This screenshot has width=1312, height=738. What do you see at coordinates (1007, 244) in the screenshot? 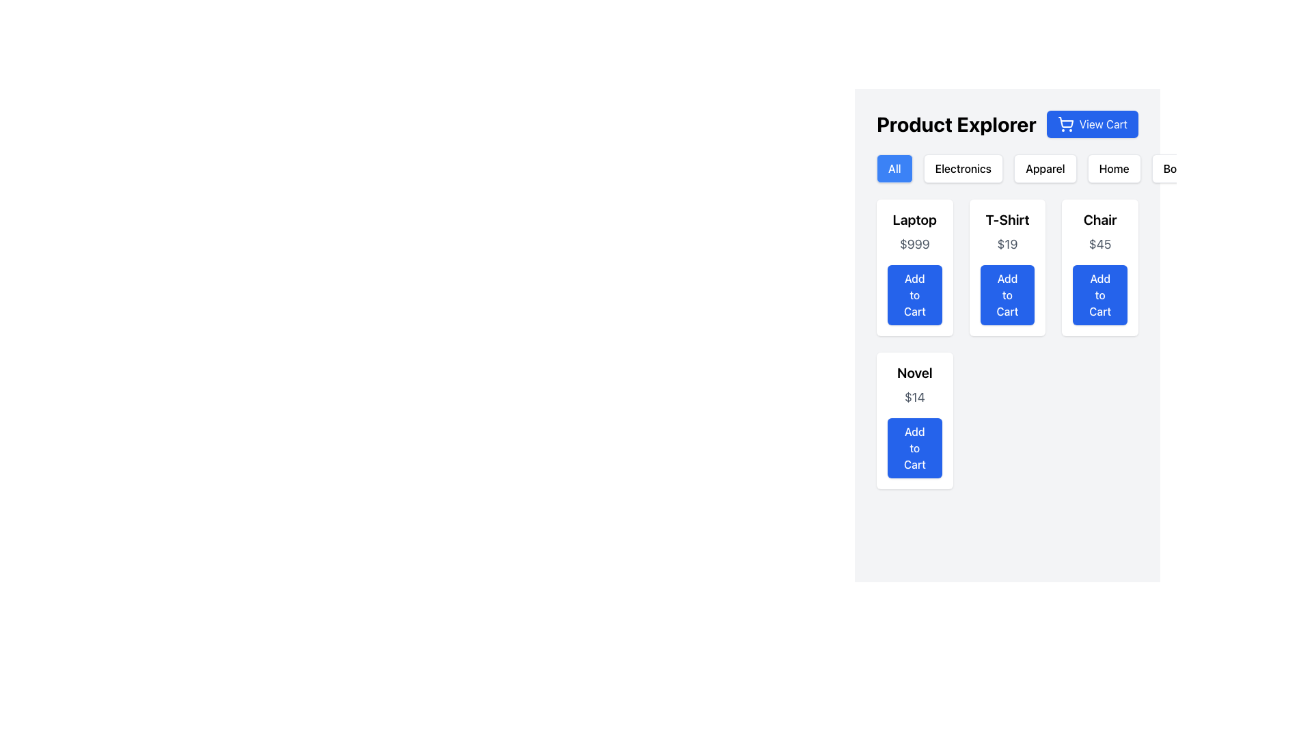
I see `the price Text Label that displays the cost of the T-Shirt, which is located within the T-Shirt card in the product grid, positioned below the title and above the Add to Cart button` at bounding box center [1007, 244].